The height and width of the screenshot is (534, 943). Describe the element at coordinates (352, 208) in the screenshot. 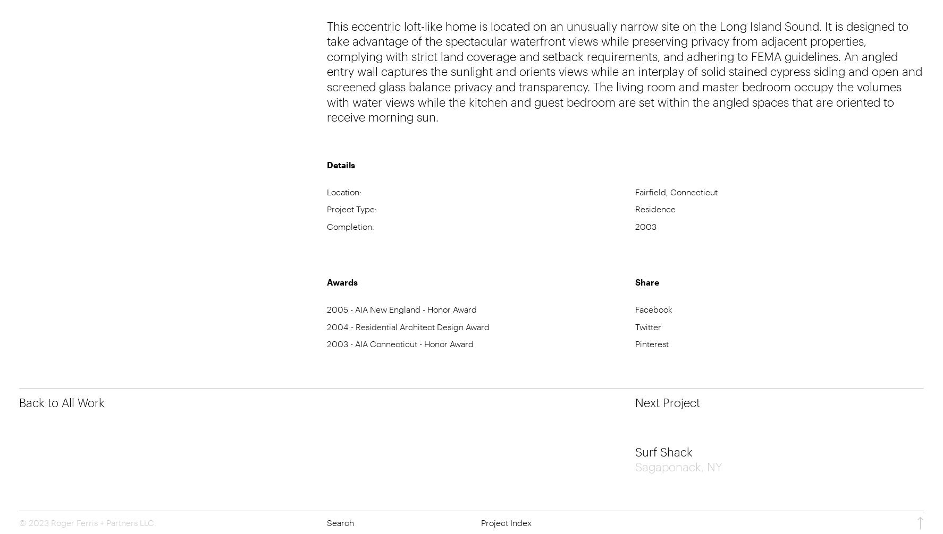

I see `'Project Type:'` at that location.